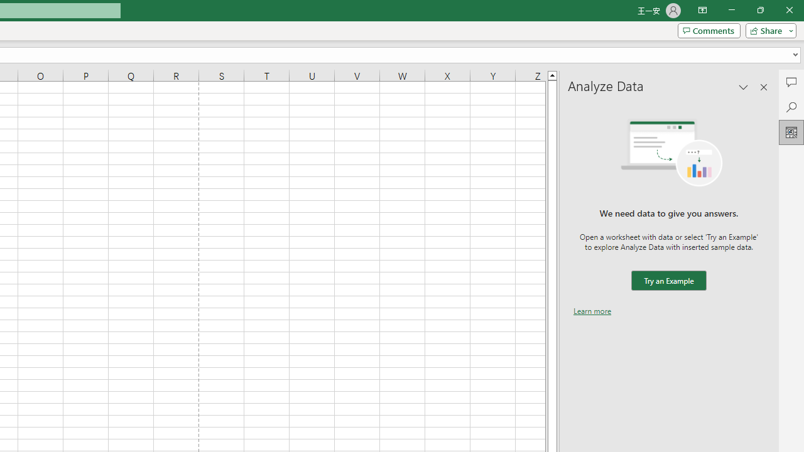  I want to click on 'Restore Down', so click(759, 10).